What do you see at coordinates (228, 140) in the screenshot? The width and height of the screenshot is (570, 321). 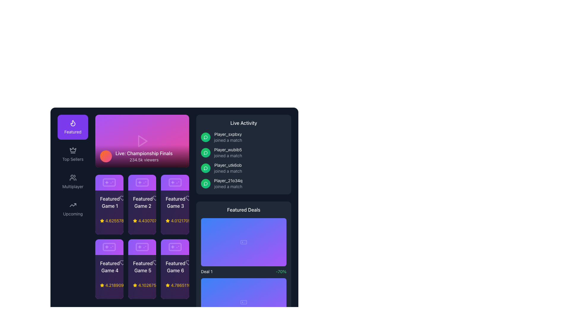 I see `the text label indicating the activity status of user 'Player_sxpbxy', located in the 'Live Activity' section, directly below the username` at bounding box center [228, 140].